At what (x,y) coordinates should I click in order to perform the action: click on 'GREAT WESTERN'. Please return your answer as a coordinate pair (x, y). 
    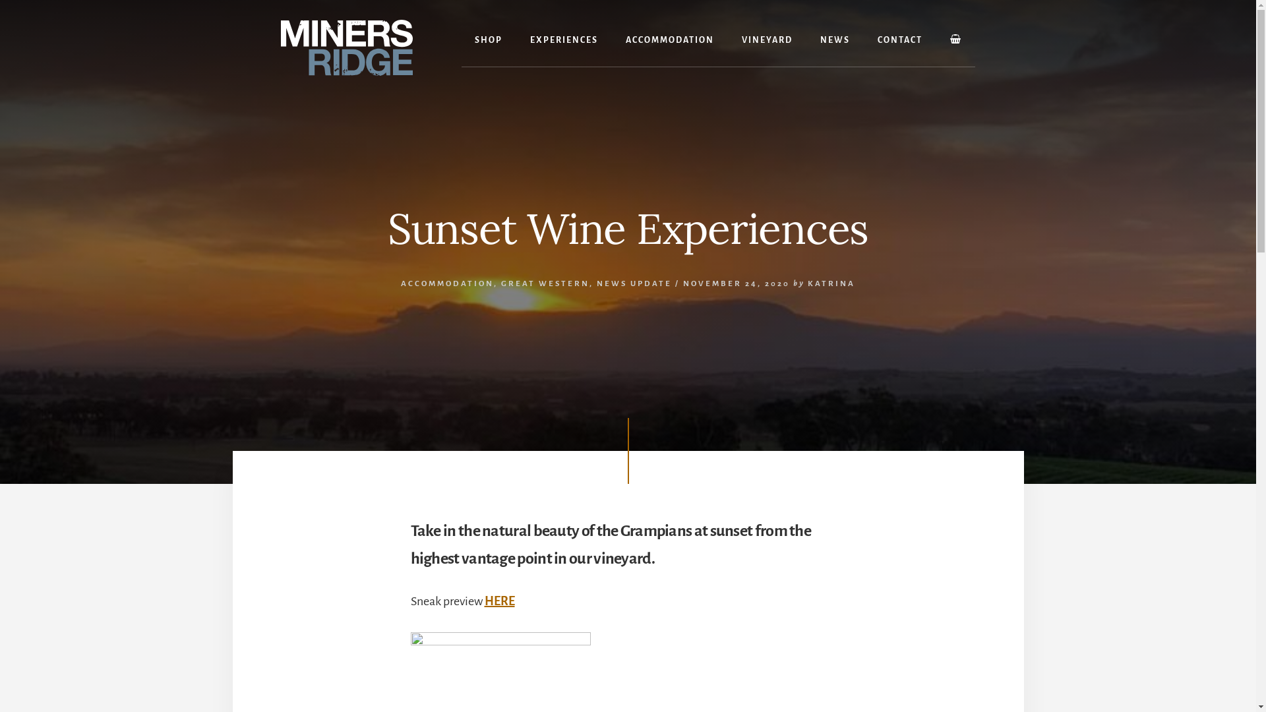
    Looking at the image, I should click on (545, 283).